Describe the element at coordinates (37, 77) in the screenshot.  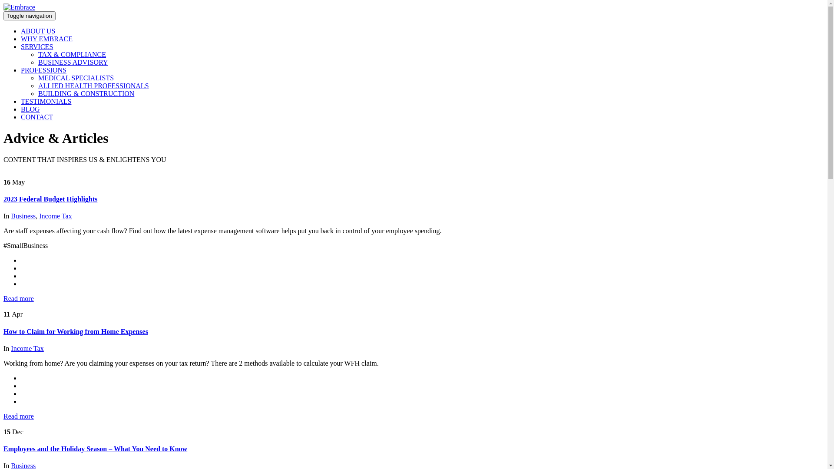
I see `'MEDICAL SPECIALISTS'` at that location.